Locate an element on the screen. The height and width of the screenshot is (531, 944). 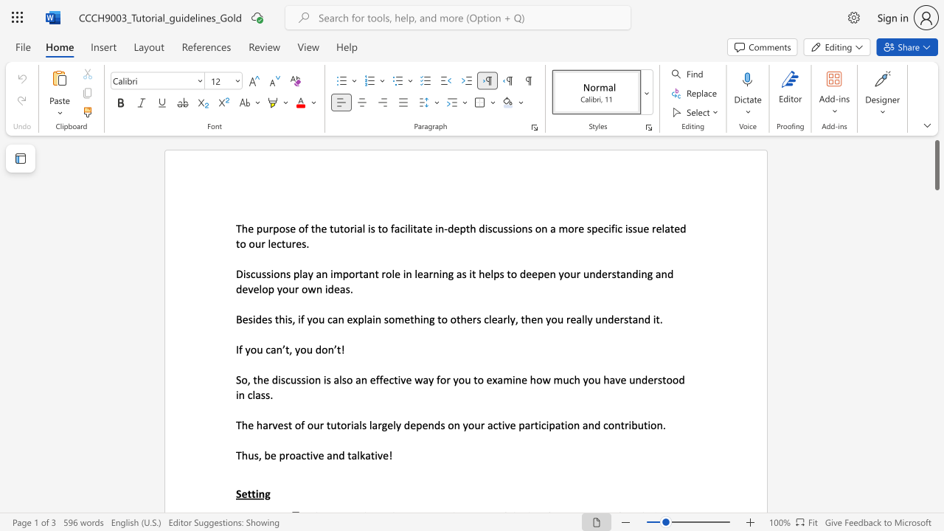
the scrollbar on the side is located at coordinates (936, 354).